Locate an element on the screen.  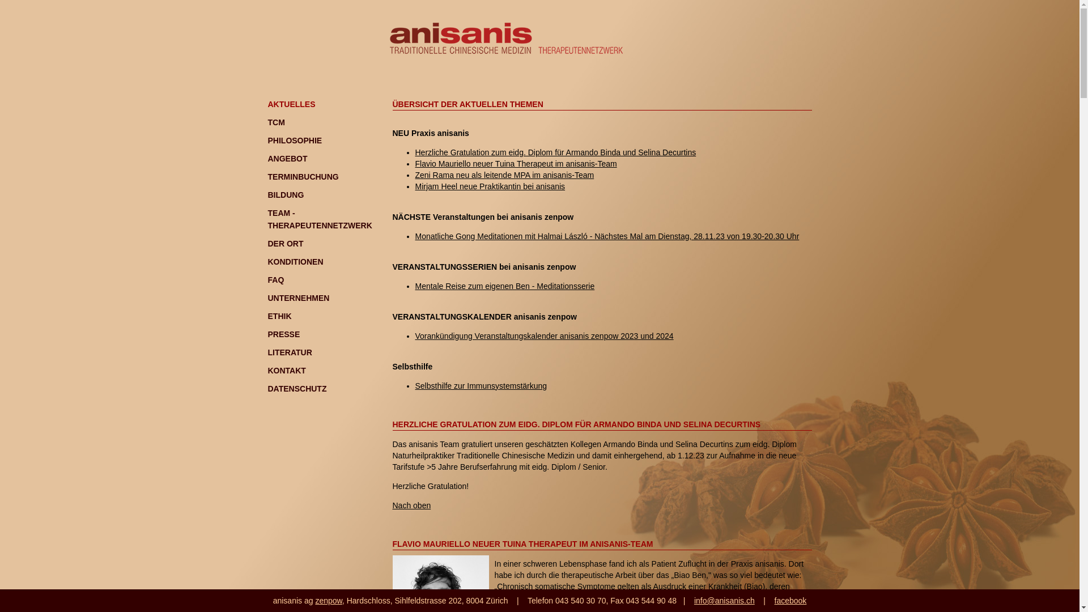
'DATENSCHUTZ' is located at coordinates (296, 388).